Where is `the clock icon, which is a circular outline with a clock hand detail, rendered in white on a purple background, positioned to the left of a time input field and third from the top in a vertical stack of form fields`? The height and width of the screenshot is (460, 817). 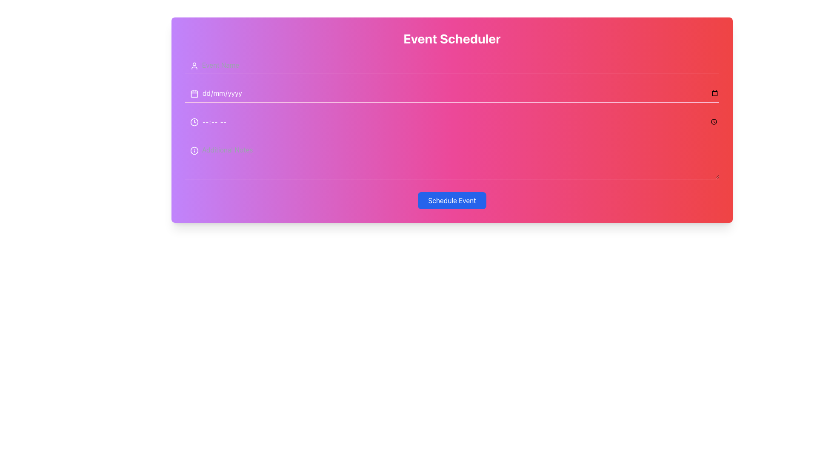
the clock icon, which is a circular outline with a clock hand detail, rendered in white on a purple background, positioned to the left of a time input field and third from the top in a vertical stack of form fields is located at coordinates (194, 122).